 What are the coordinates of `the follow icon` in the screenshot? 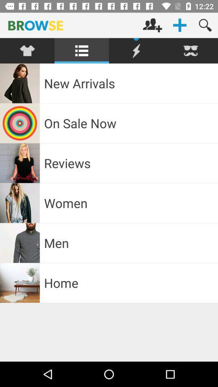 It's located at (152, 25).